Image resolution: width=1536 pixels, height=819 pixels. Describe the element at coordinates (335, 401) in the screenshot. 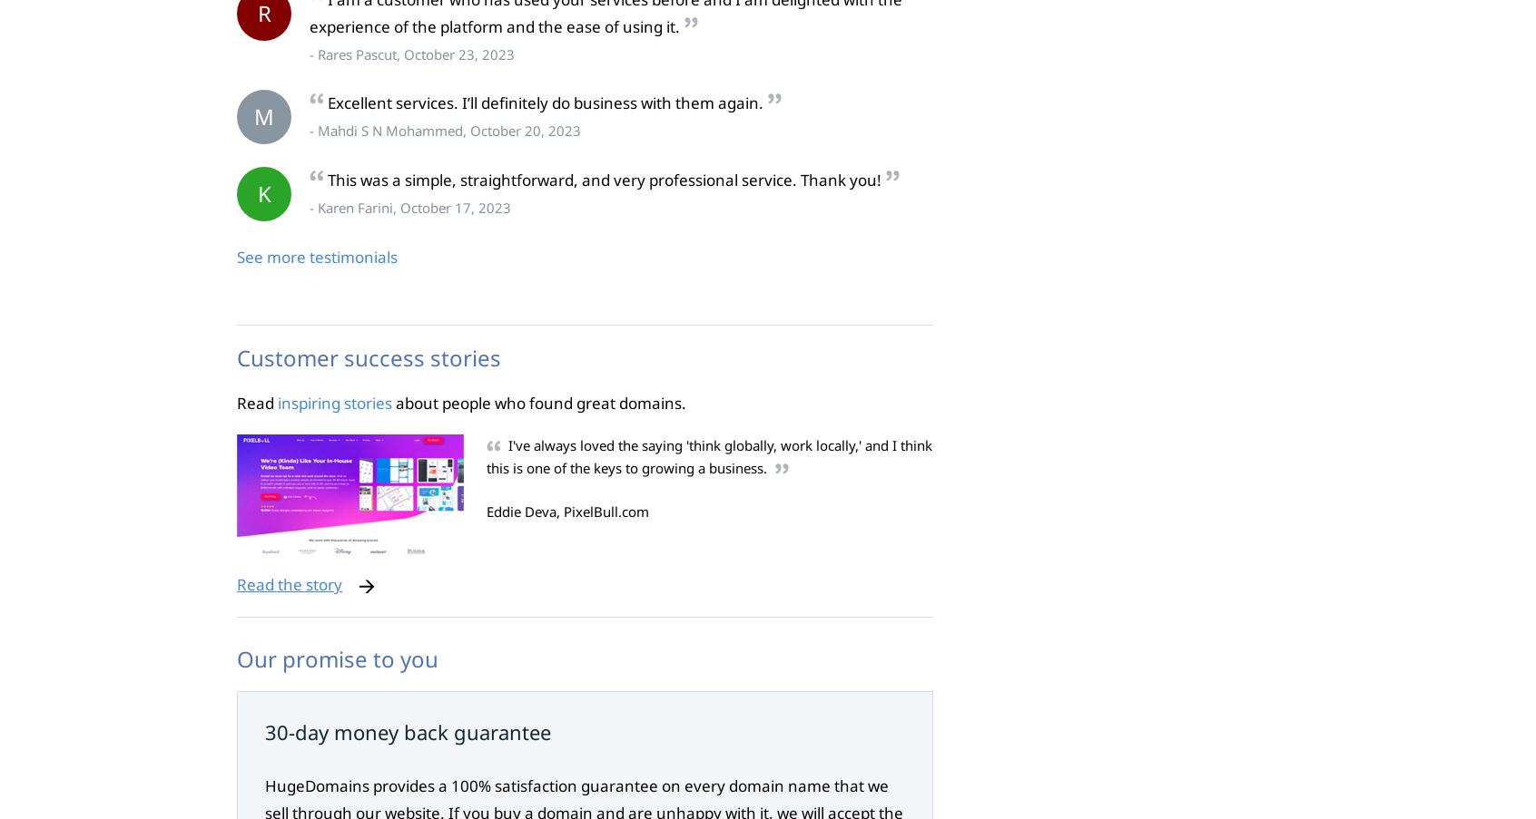

I see `'inspiring stories'` at that location.